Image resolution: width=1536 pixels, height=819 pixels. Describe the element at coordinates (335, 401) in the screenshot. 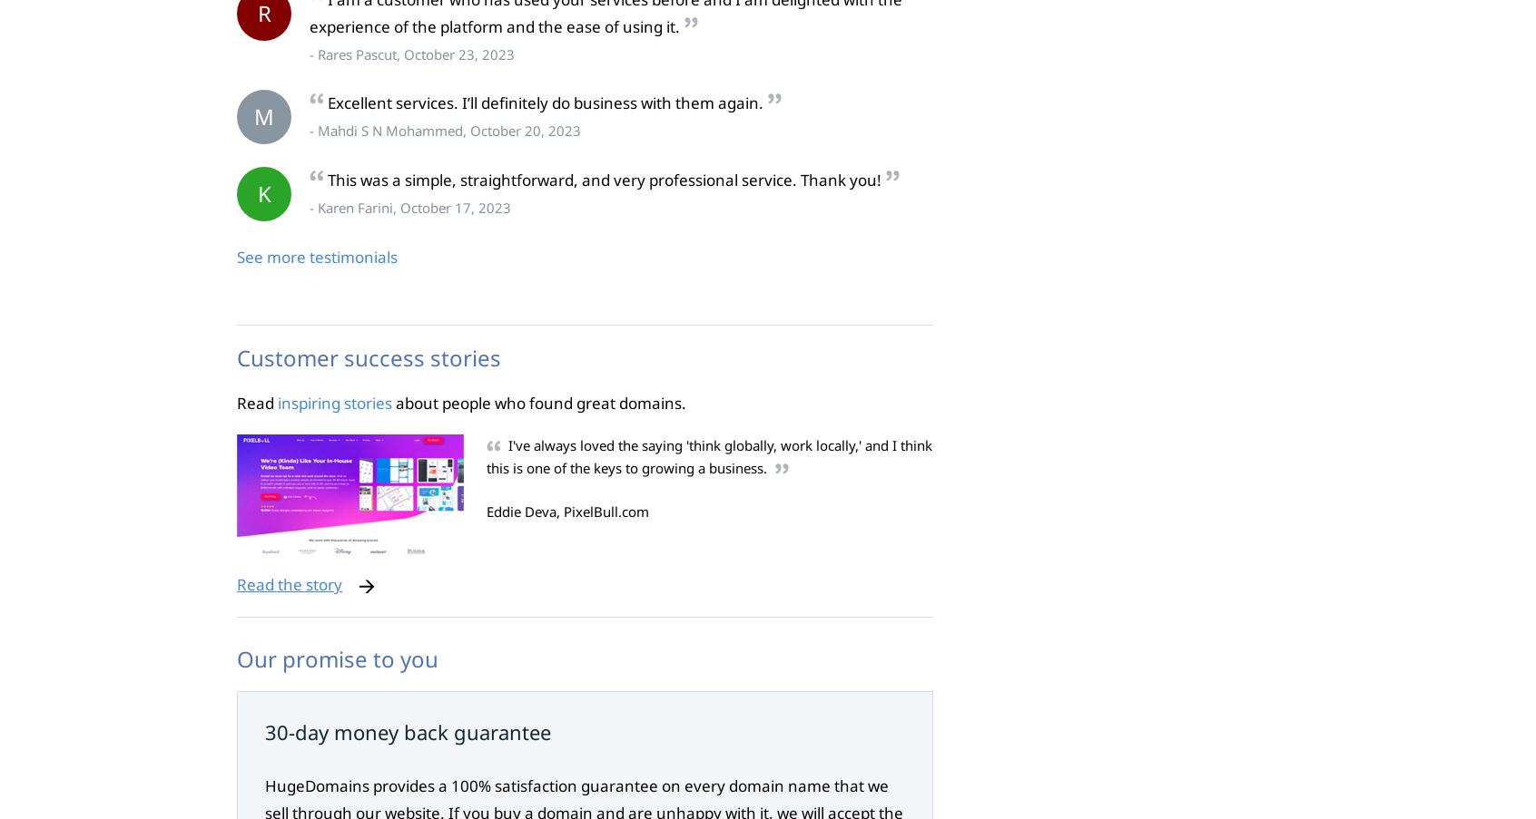

I see `'inspiring stories'` at that location.